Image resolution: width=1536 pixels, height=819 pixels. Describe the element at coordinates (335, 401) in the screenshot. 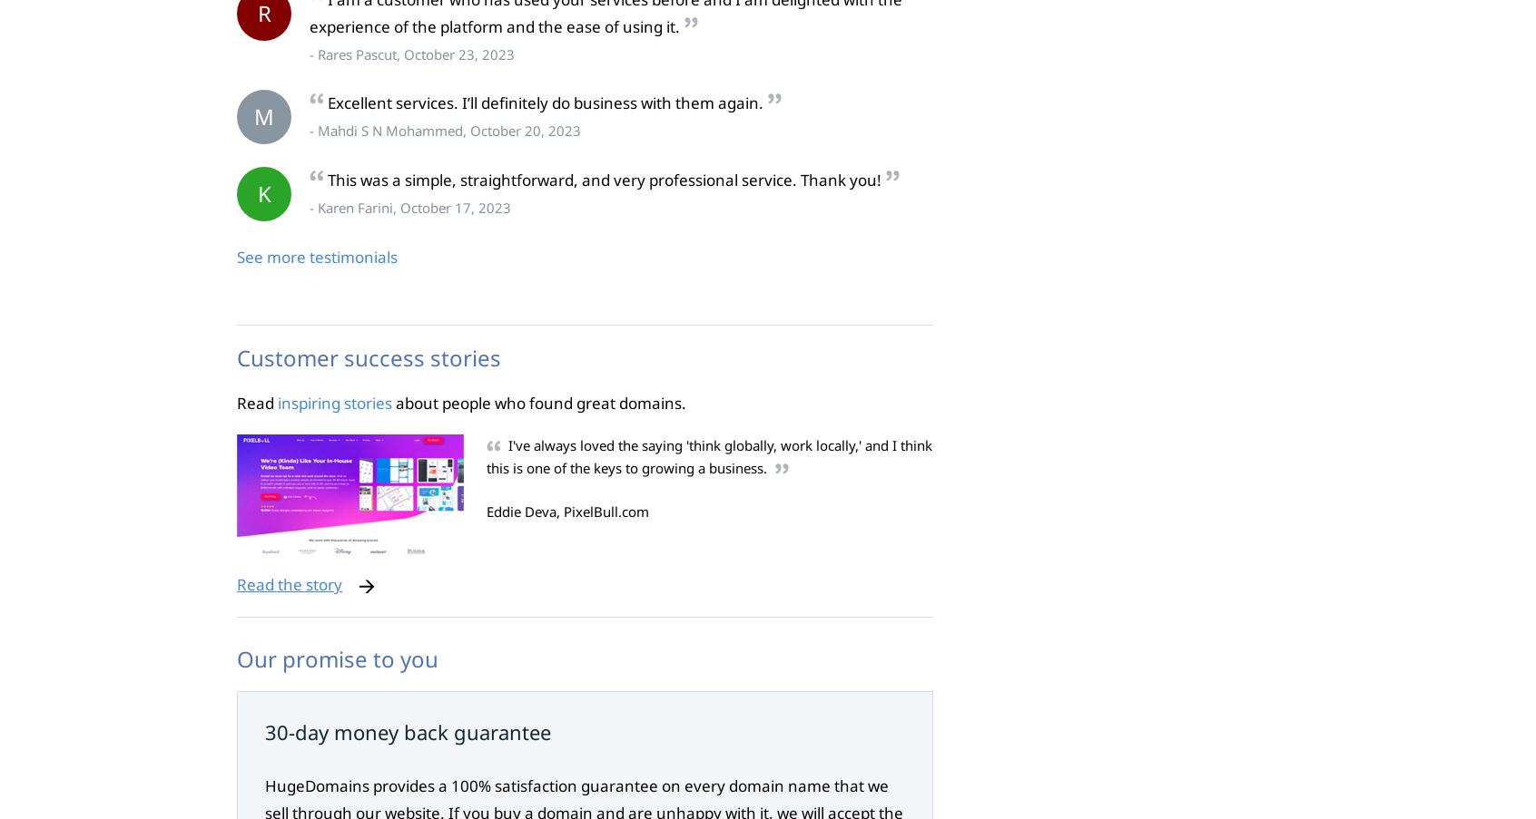

I see `'inspiring stories'` at that location.